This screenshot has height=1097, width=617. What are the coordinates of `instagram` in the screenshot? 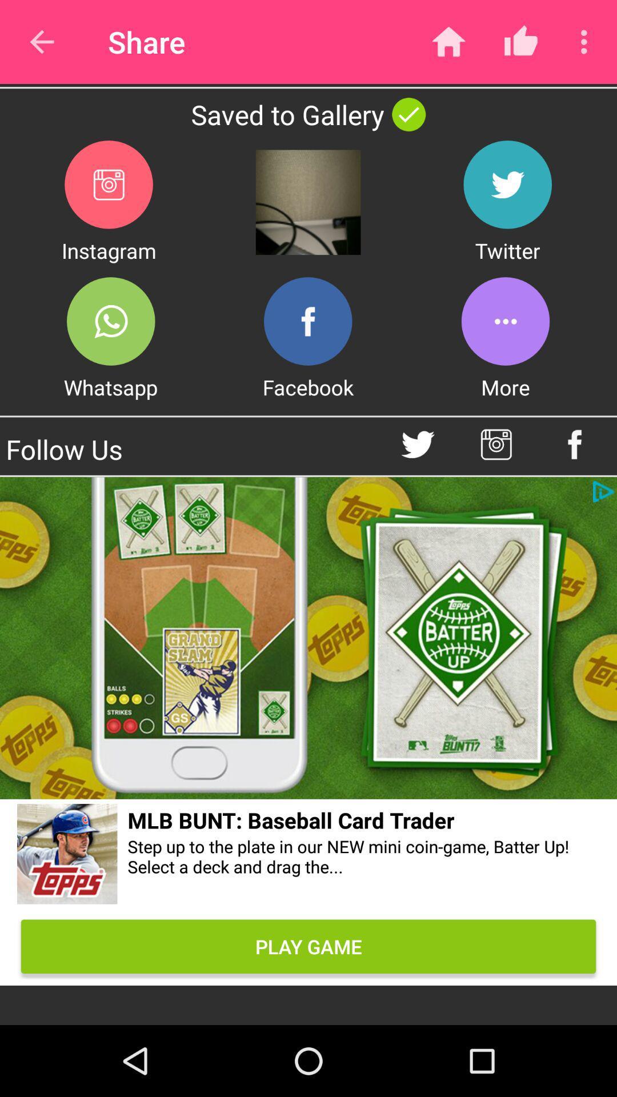 It's located at (495, 444).